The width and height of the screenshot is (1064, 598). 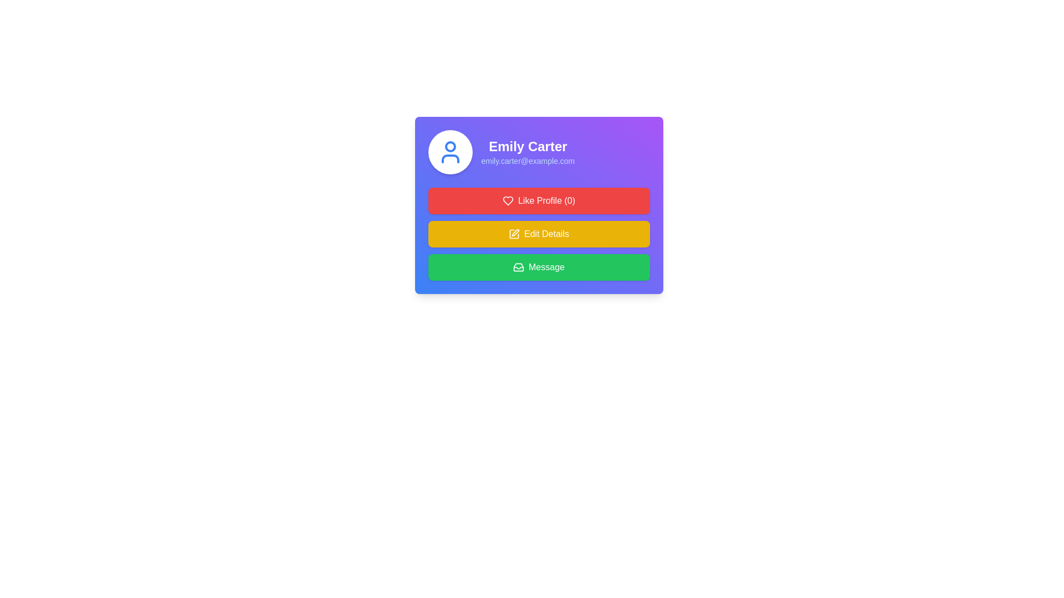 I want to click on the like button located below the user's profile information to like the profile, so click(x=539, y=200).